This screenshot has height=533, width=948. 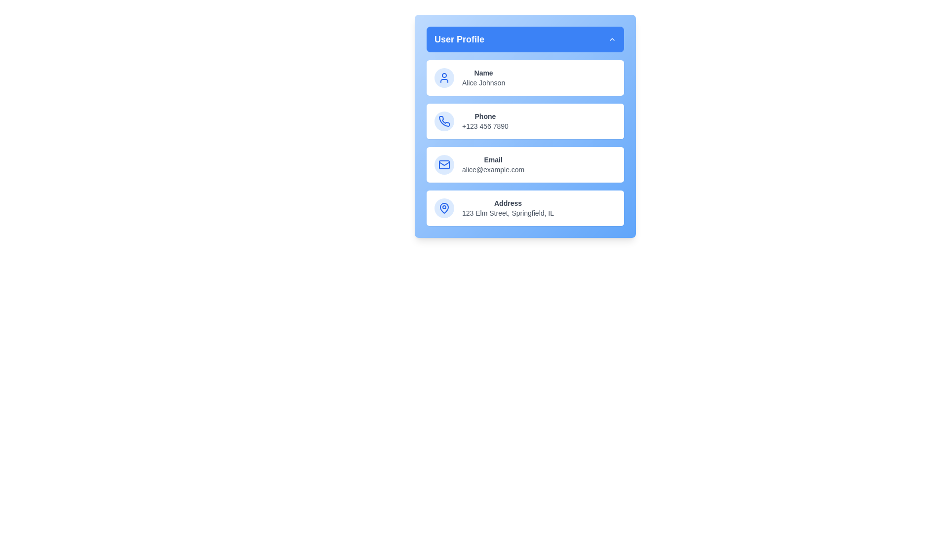 I want to click on the label element that describes the email address in the user profile card, positioned as the third entry above the email address 'alice@example.com', so click(x=493, y=159).